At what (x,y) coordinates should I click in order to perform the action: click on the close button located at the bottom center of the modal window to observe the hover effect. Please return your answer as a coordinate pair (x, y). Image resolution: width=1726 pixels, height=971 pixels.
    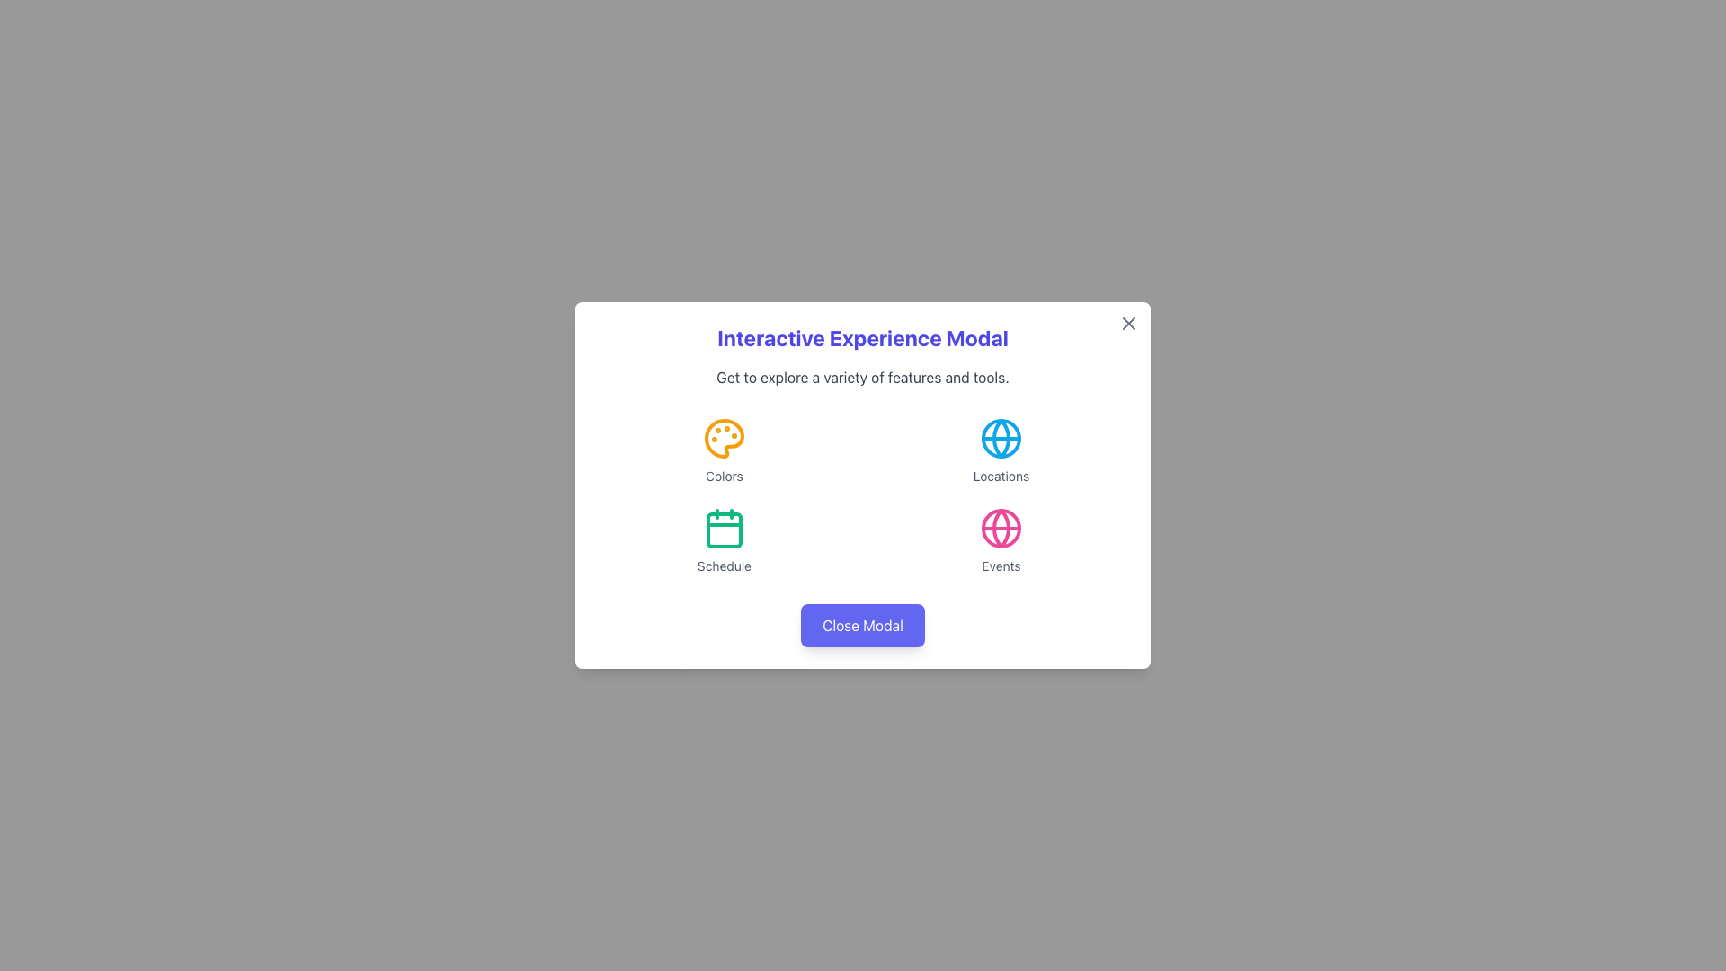
    Looking at the image, I should click on (863, 624).